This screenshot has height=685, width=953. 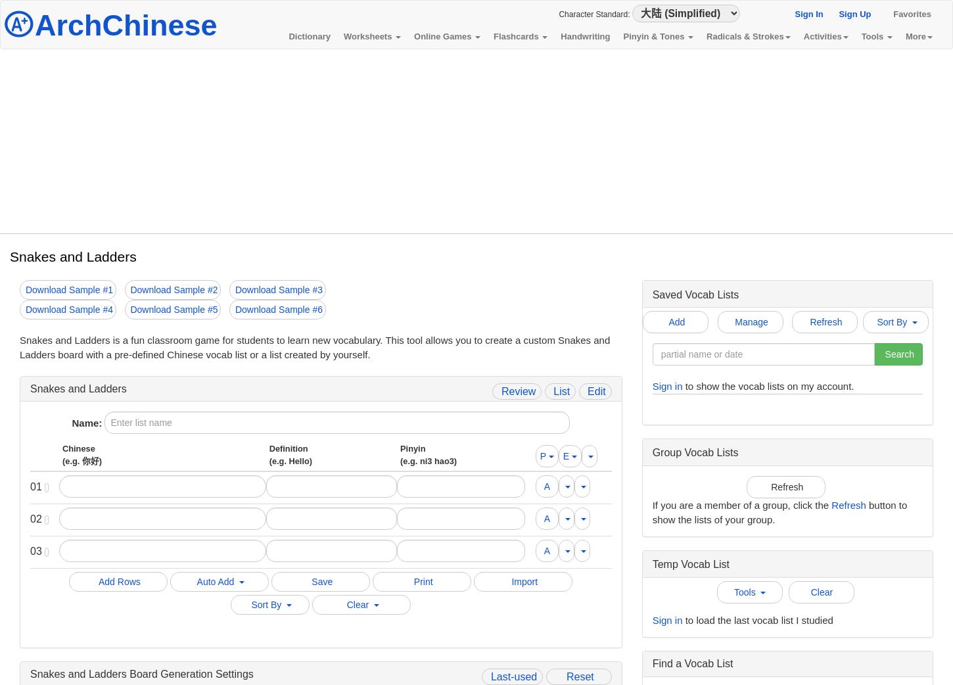 What do you see at coordinates (443, 35) in the screenshot?
I see `'Online Games'` at bounding box center [443, 35].